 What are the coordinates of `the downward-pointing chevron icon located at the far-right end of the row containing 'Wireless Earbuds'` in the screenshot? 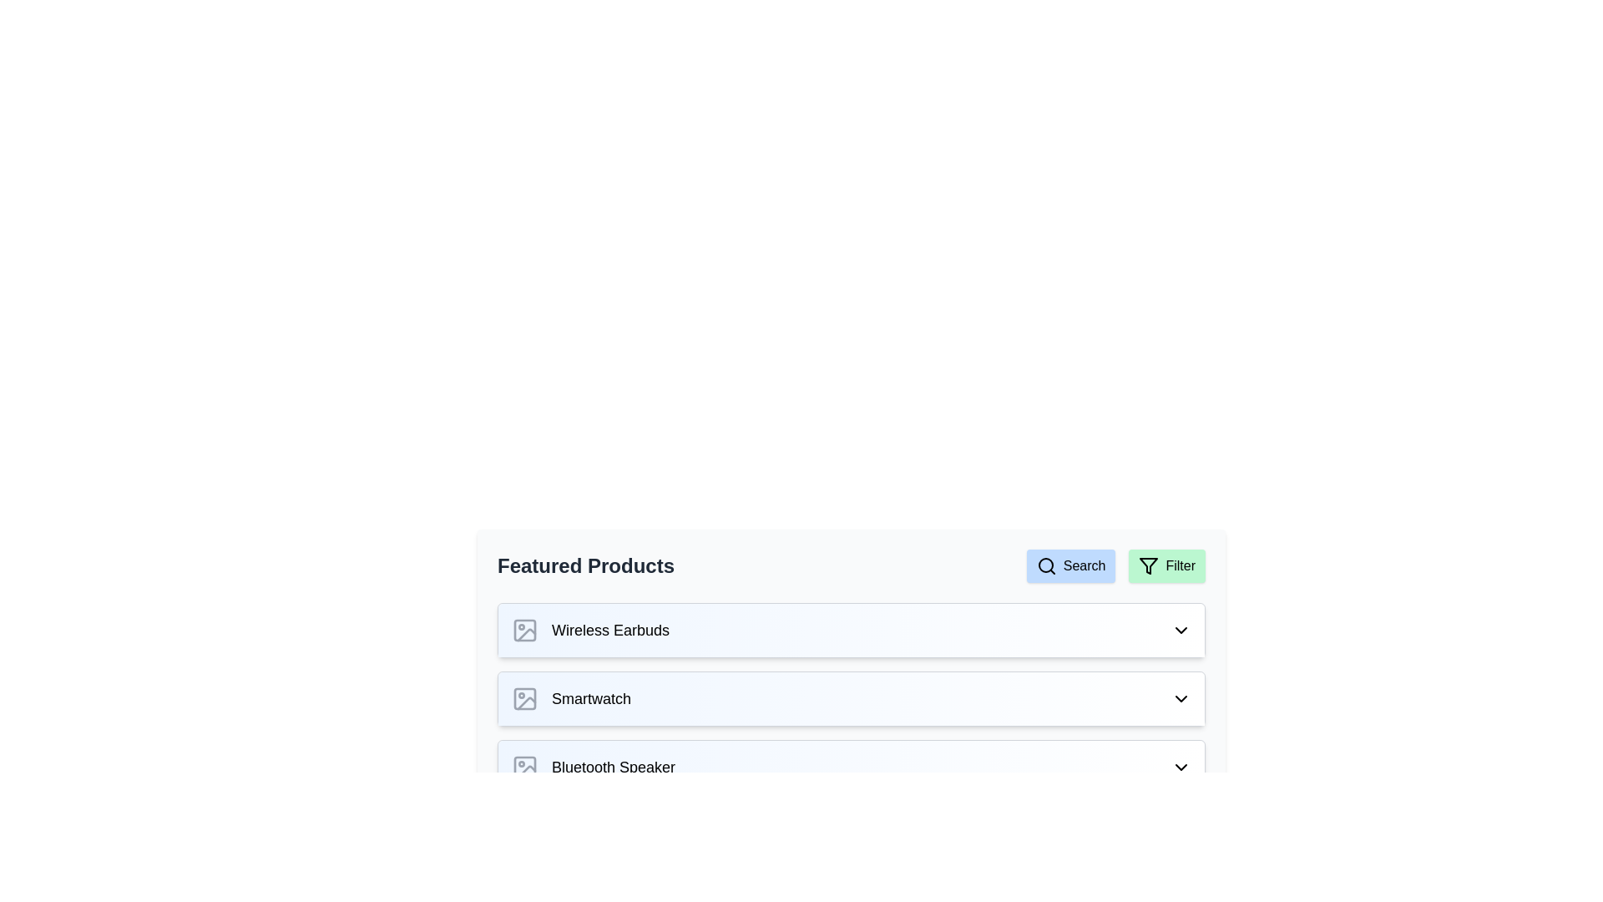 It's located at (1181, 631).